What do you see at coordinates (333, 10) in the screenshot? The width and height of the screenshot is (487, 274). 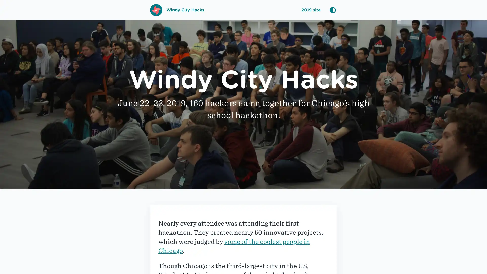 I see `Cycle Color Mode` at bounding box center [333, 10].